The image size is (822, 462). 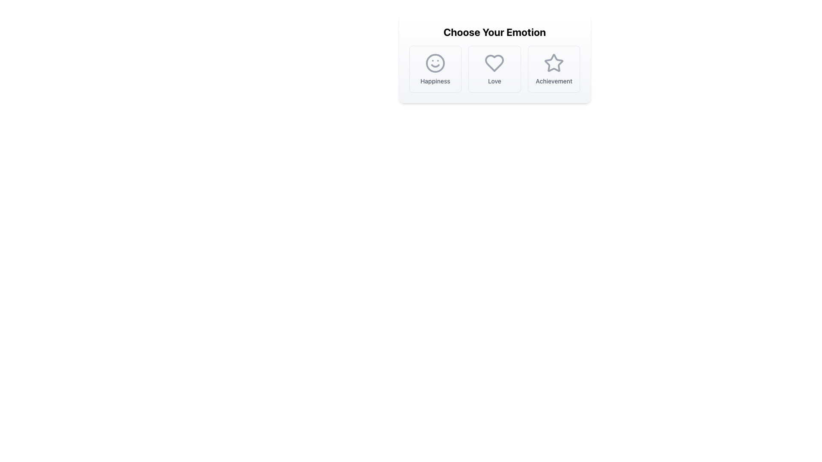 I want to click on the circular smiley face icon representing 'Happiness' in the emotion selection UI, so click(x=435, y=62).